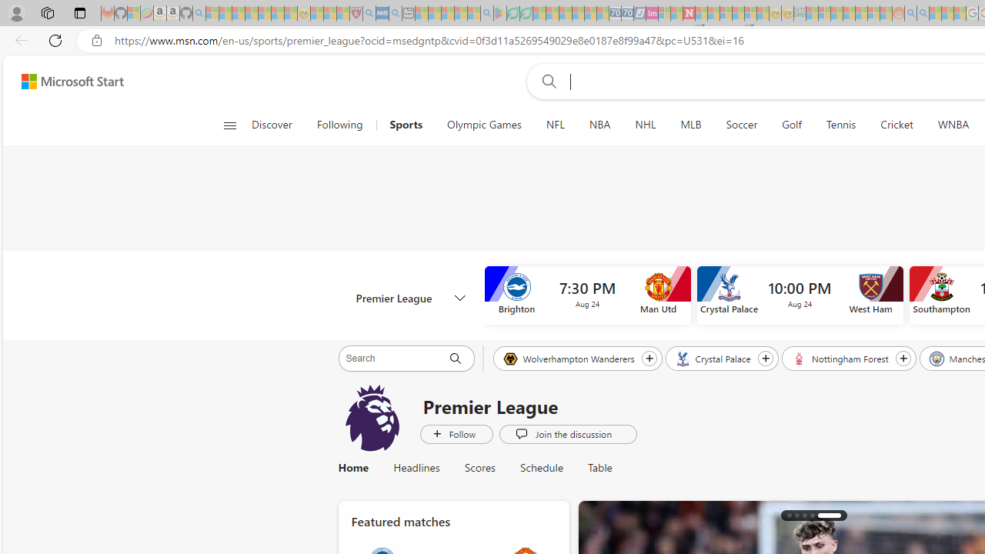 The height and width of the screenshot is (554, 985). What do you see at coordinates (483, 125) in the screenshot?
I see `'Olympic Games'` at bounding box center [483, 125].